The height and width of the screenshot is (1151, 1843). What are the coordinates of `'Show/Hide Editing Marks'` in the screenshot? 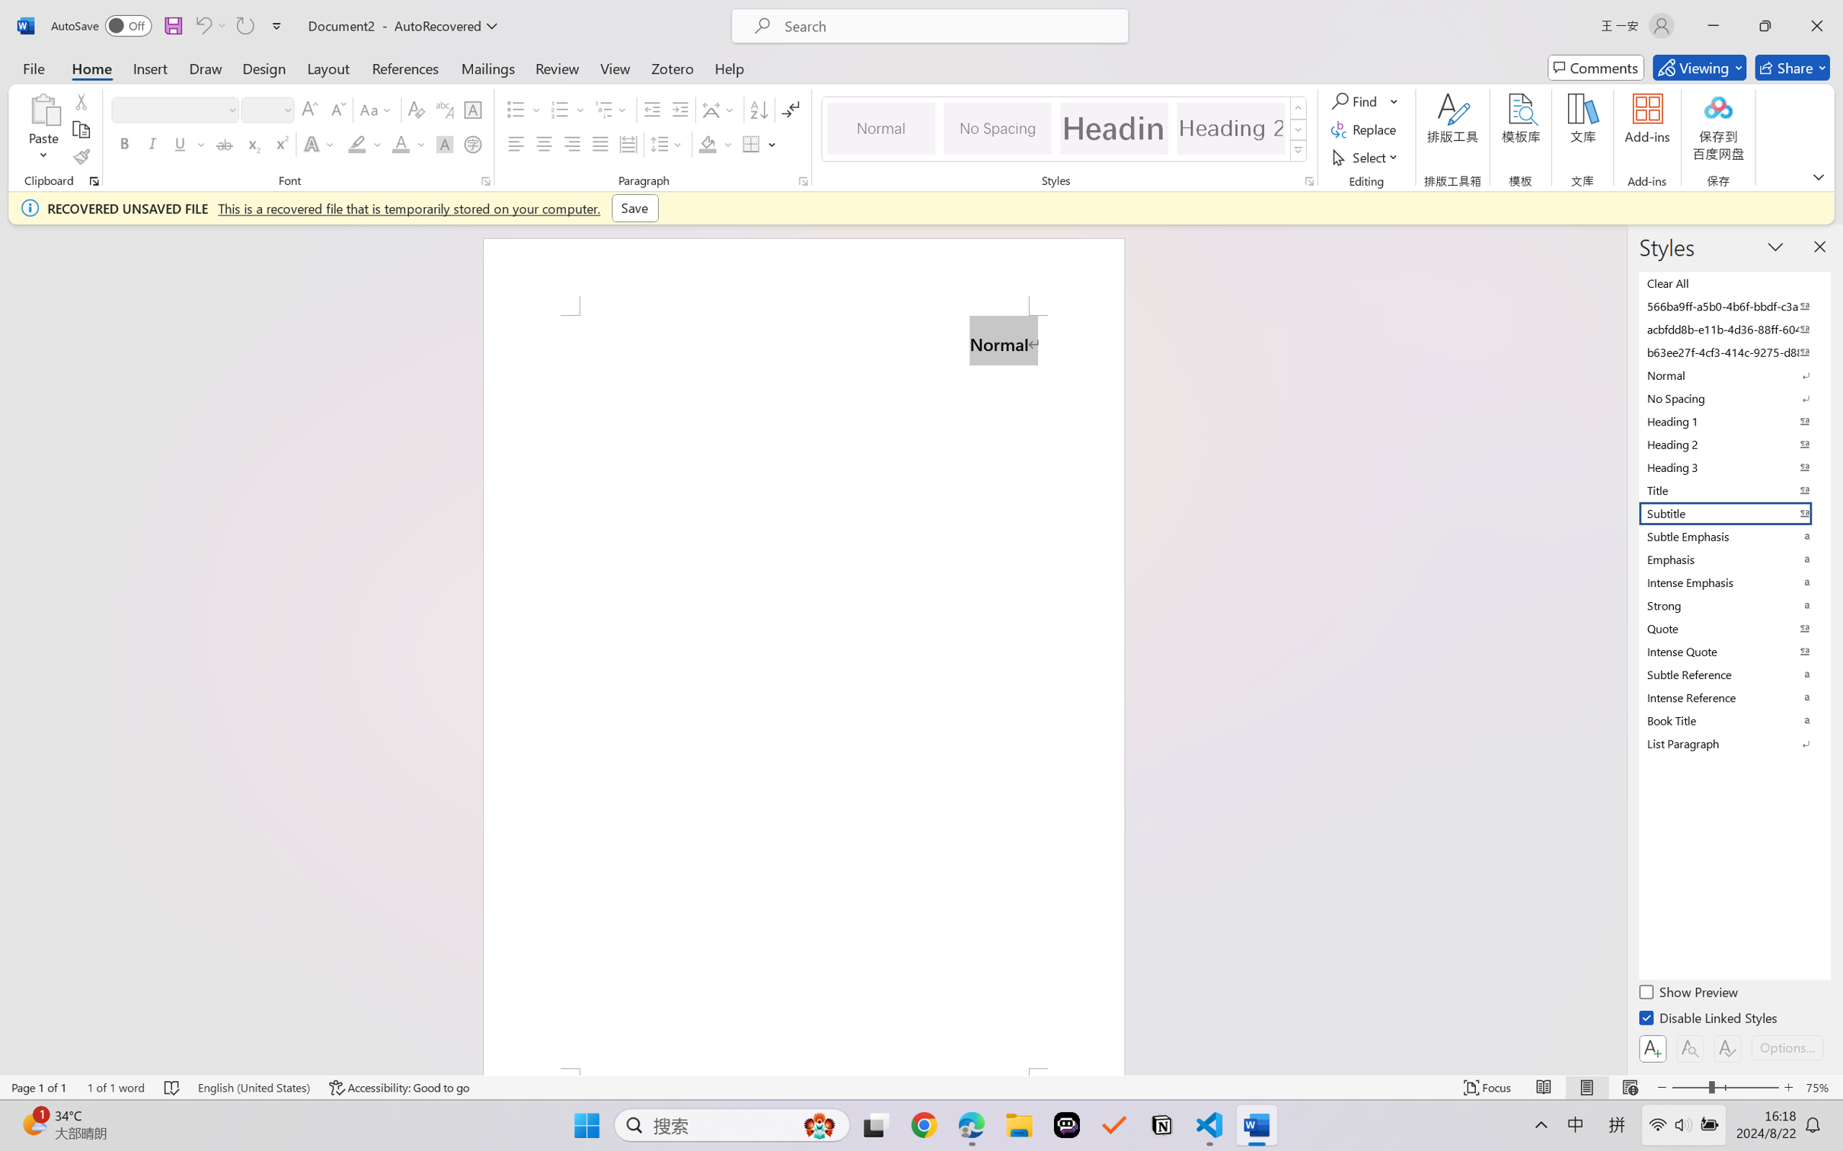 It's located at (790, 110).